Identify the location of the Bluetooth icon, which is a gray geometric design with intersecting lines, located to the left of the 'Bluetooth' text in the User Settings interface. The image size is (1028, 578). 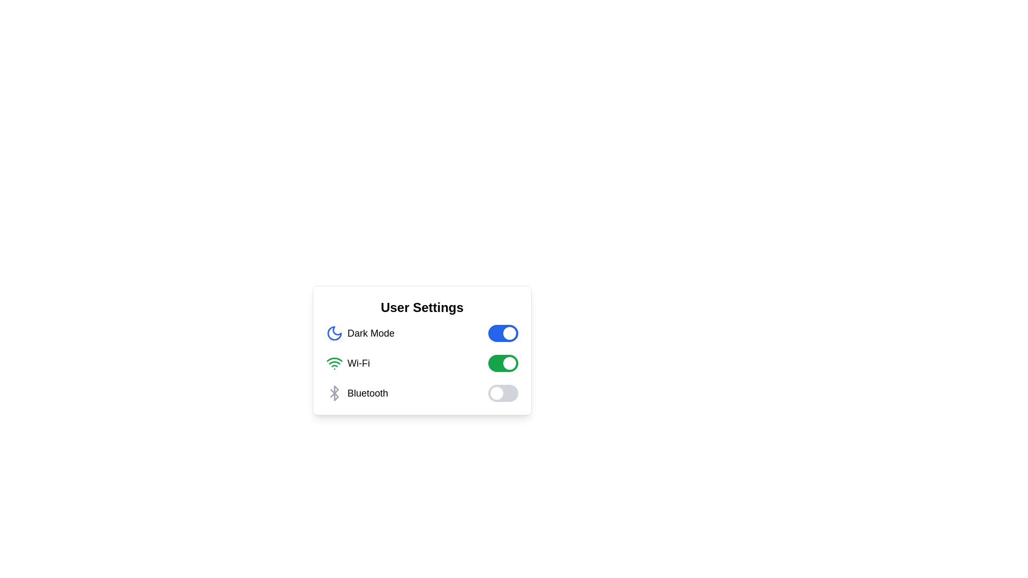
(334, 393).